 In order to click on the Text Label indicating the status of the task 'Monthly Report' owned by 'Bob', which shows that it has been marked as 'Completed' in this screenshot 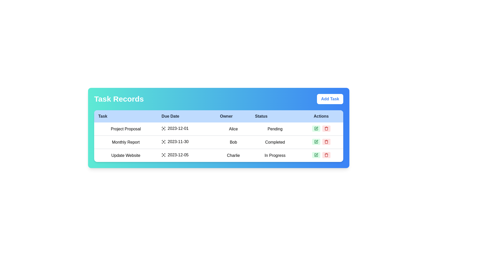, I will do `click(275, 142)`.